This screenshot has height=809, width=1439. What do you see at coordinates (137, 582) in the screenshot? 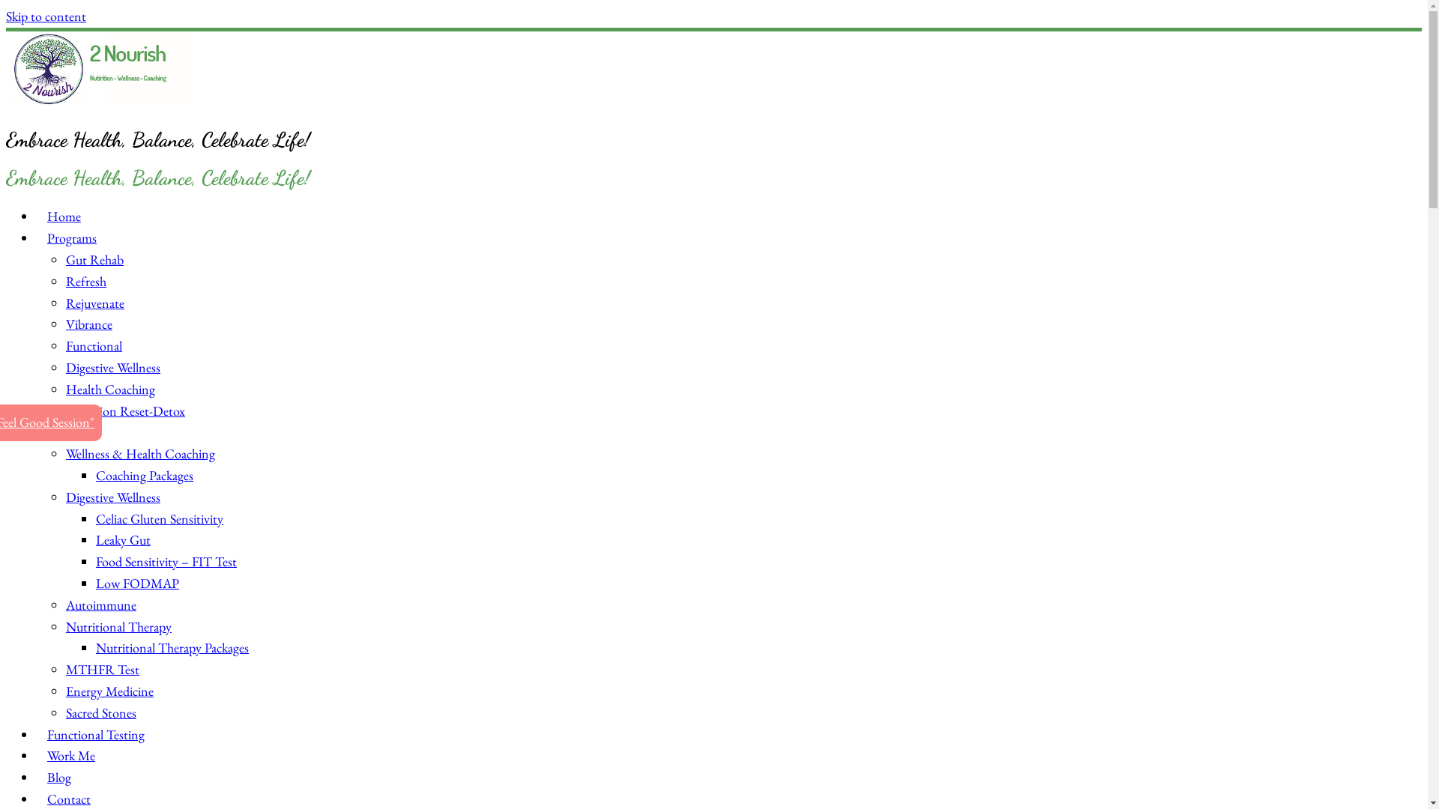
I see `'Low FODMAP'` at bounding box center [137, 582].